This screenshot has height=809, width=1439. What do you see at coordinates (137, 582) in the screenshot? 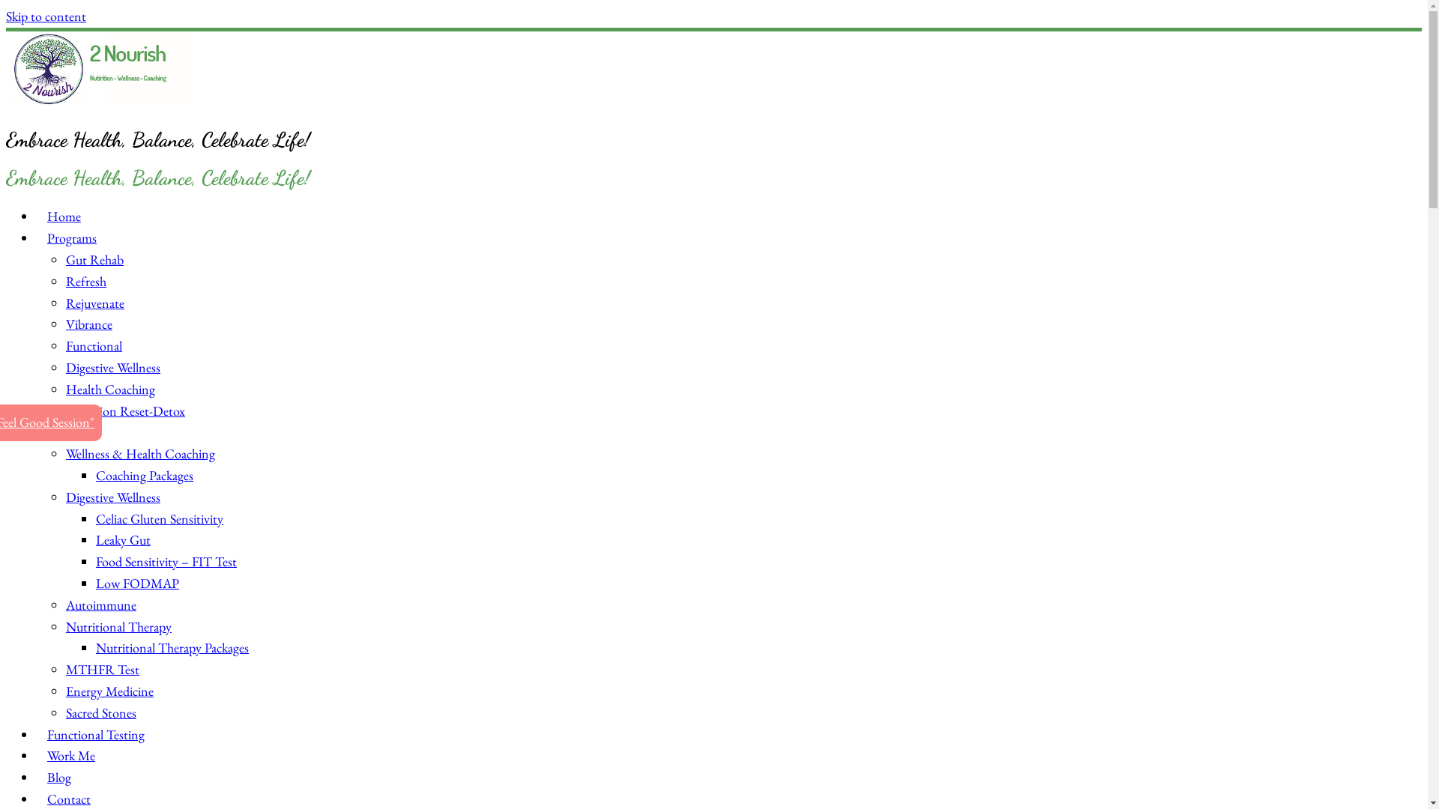
I see `'Low FODMAP'` at bounding box center [137, 582].